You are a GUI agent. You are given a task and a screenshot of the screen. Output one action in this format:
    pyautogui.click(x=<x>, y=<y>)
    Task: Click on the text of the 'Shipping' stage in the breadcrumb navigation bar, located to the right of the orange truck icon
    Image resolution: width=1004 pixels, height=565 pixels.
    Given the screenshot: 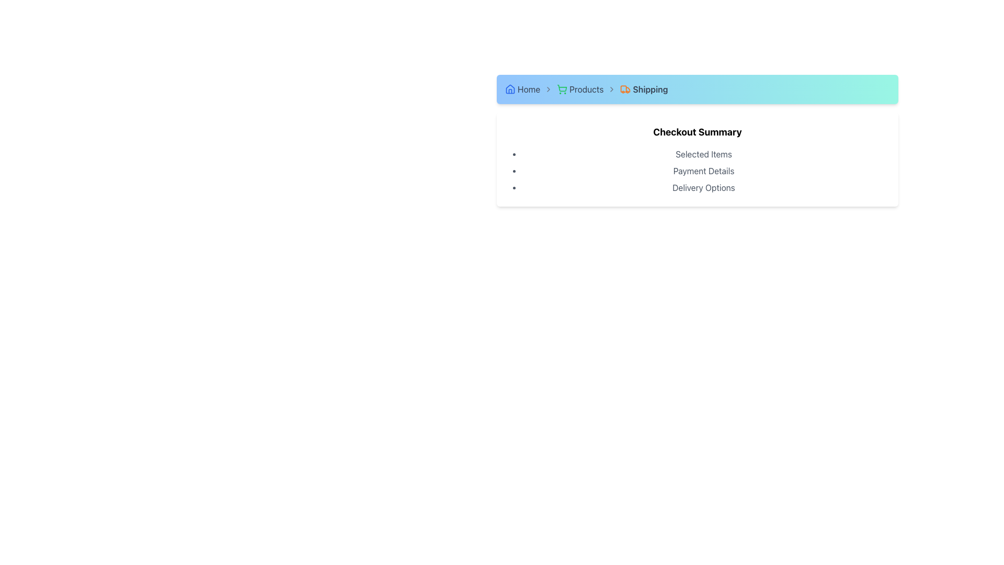 What is the action you would take?
    pyautogui.click(x=649, y=88)
    